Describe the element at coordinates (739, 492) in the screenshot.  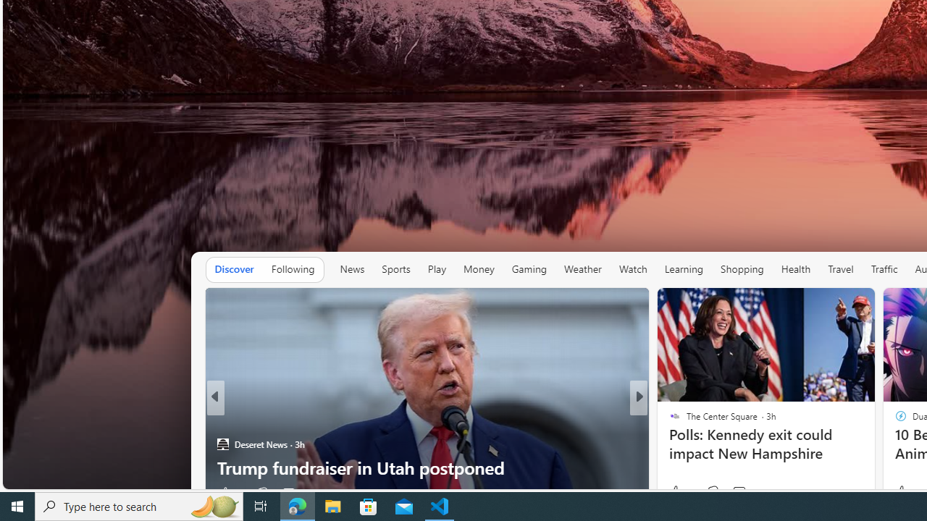
I see `'View comments 88 Comment'` at that location.